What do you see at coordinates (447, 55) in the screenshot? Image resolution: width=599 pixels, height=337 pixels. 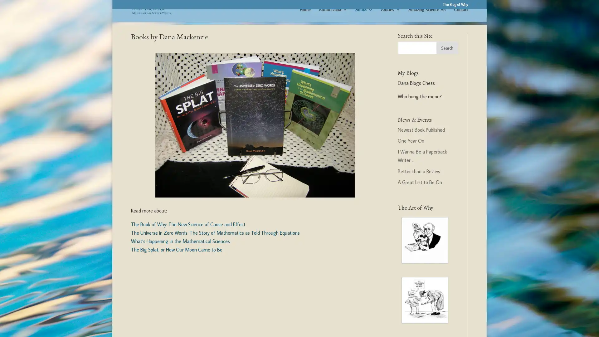 I see `Search` at bounding box center [447, 55].